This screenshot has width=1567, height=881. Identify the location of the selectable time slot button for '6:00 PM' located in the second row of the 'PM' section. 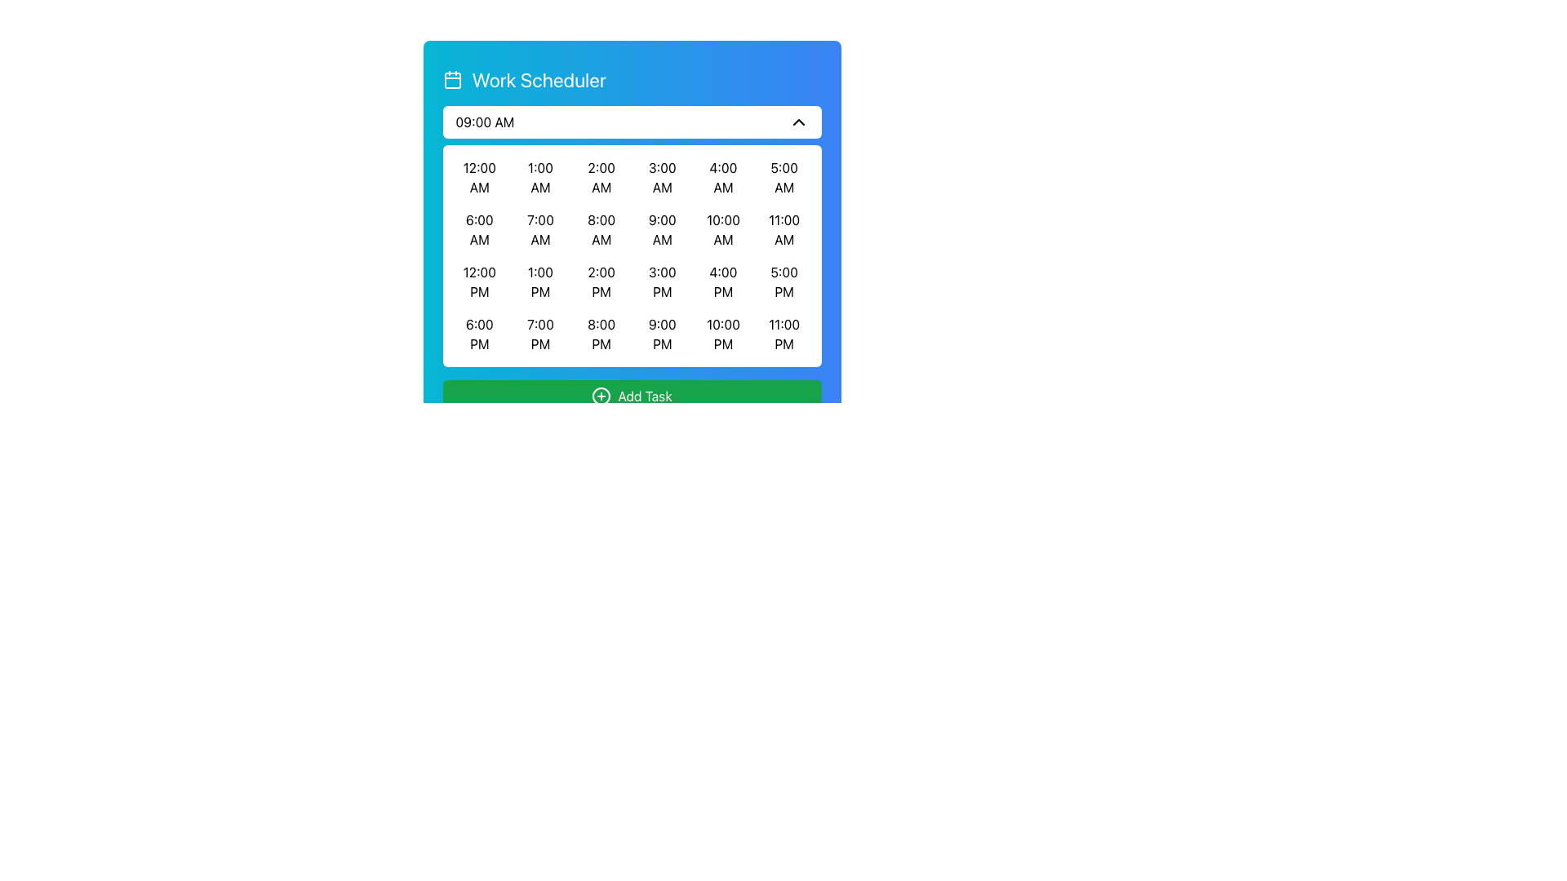
(478, 333).